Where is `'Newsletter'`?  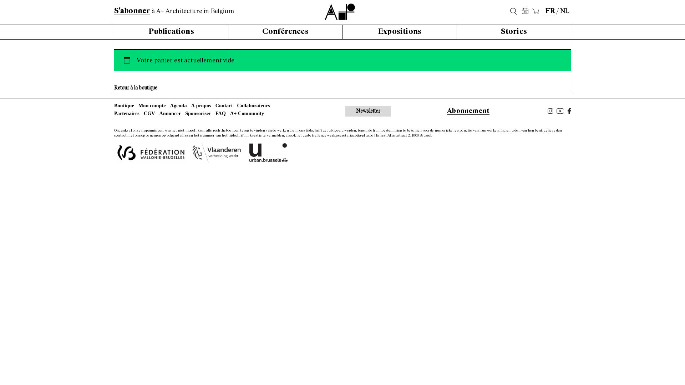 'Newsletter' is located at coordinates (368, 111).